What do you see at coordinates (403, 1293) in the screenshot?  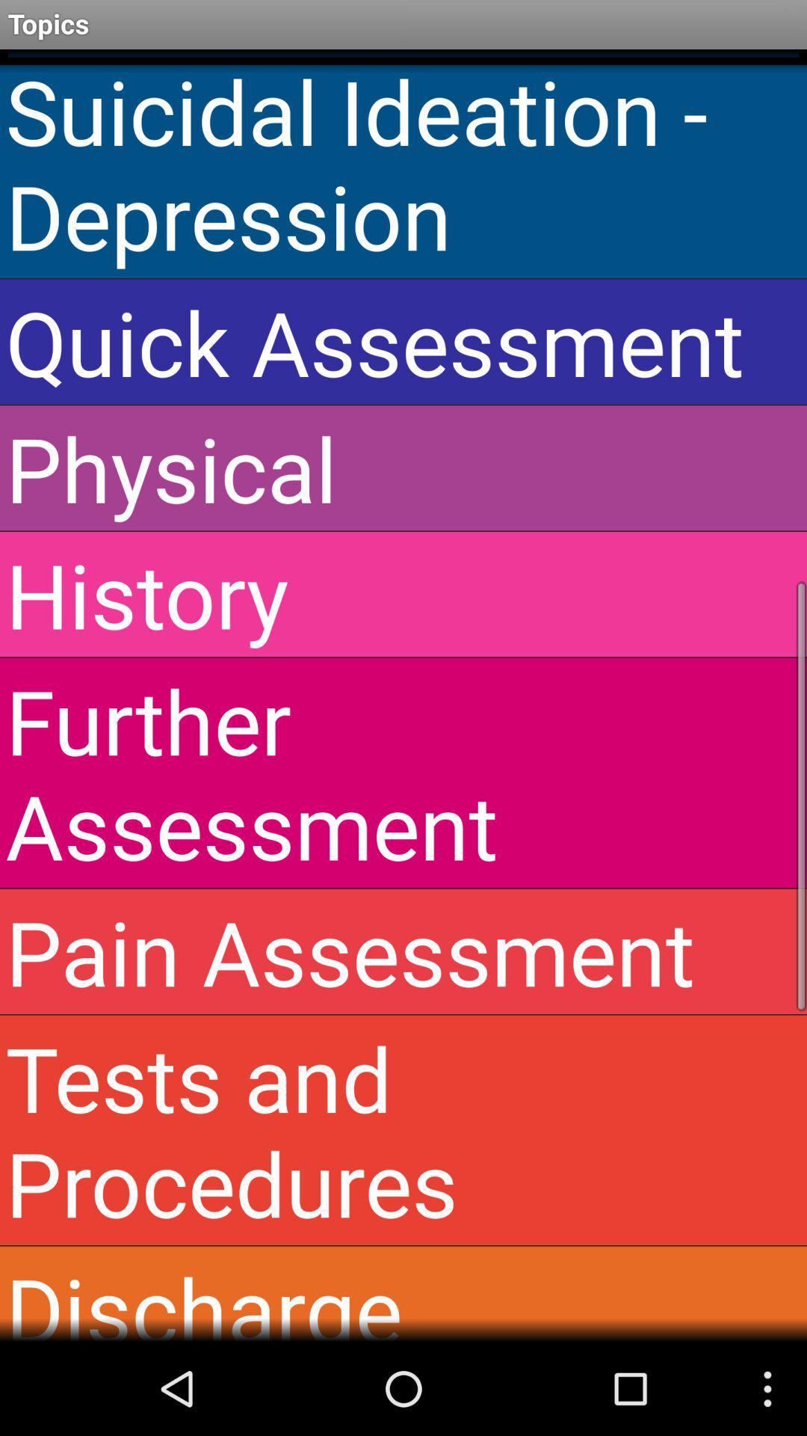 I see `the discharge instruction icon` at bounding box center [403, 1293].